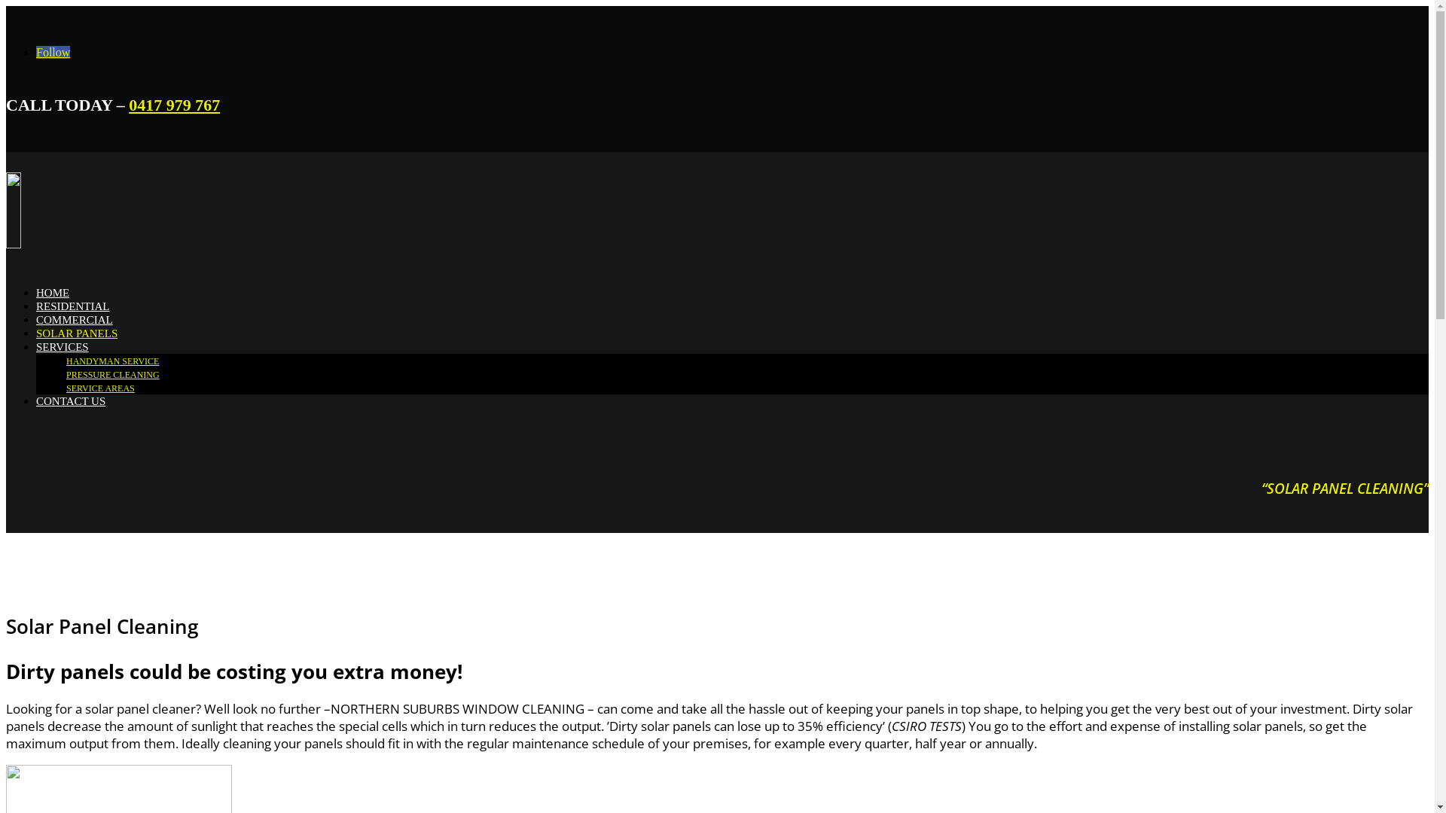 The image size is (1446, 813). I want to click on 'Follow', so click(53, 51).